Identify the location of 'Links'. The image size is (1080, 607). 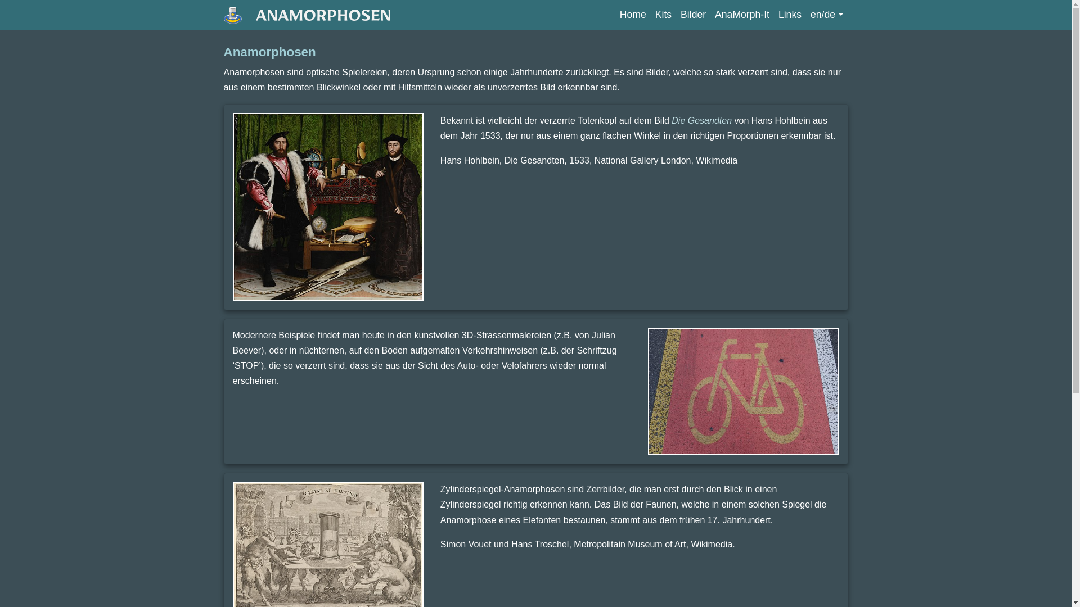
(789, 15).